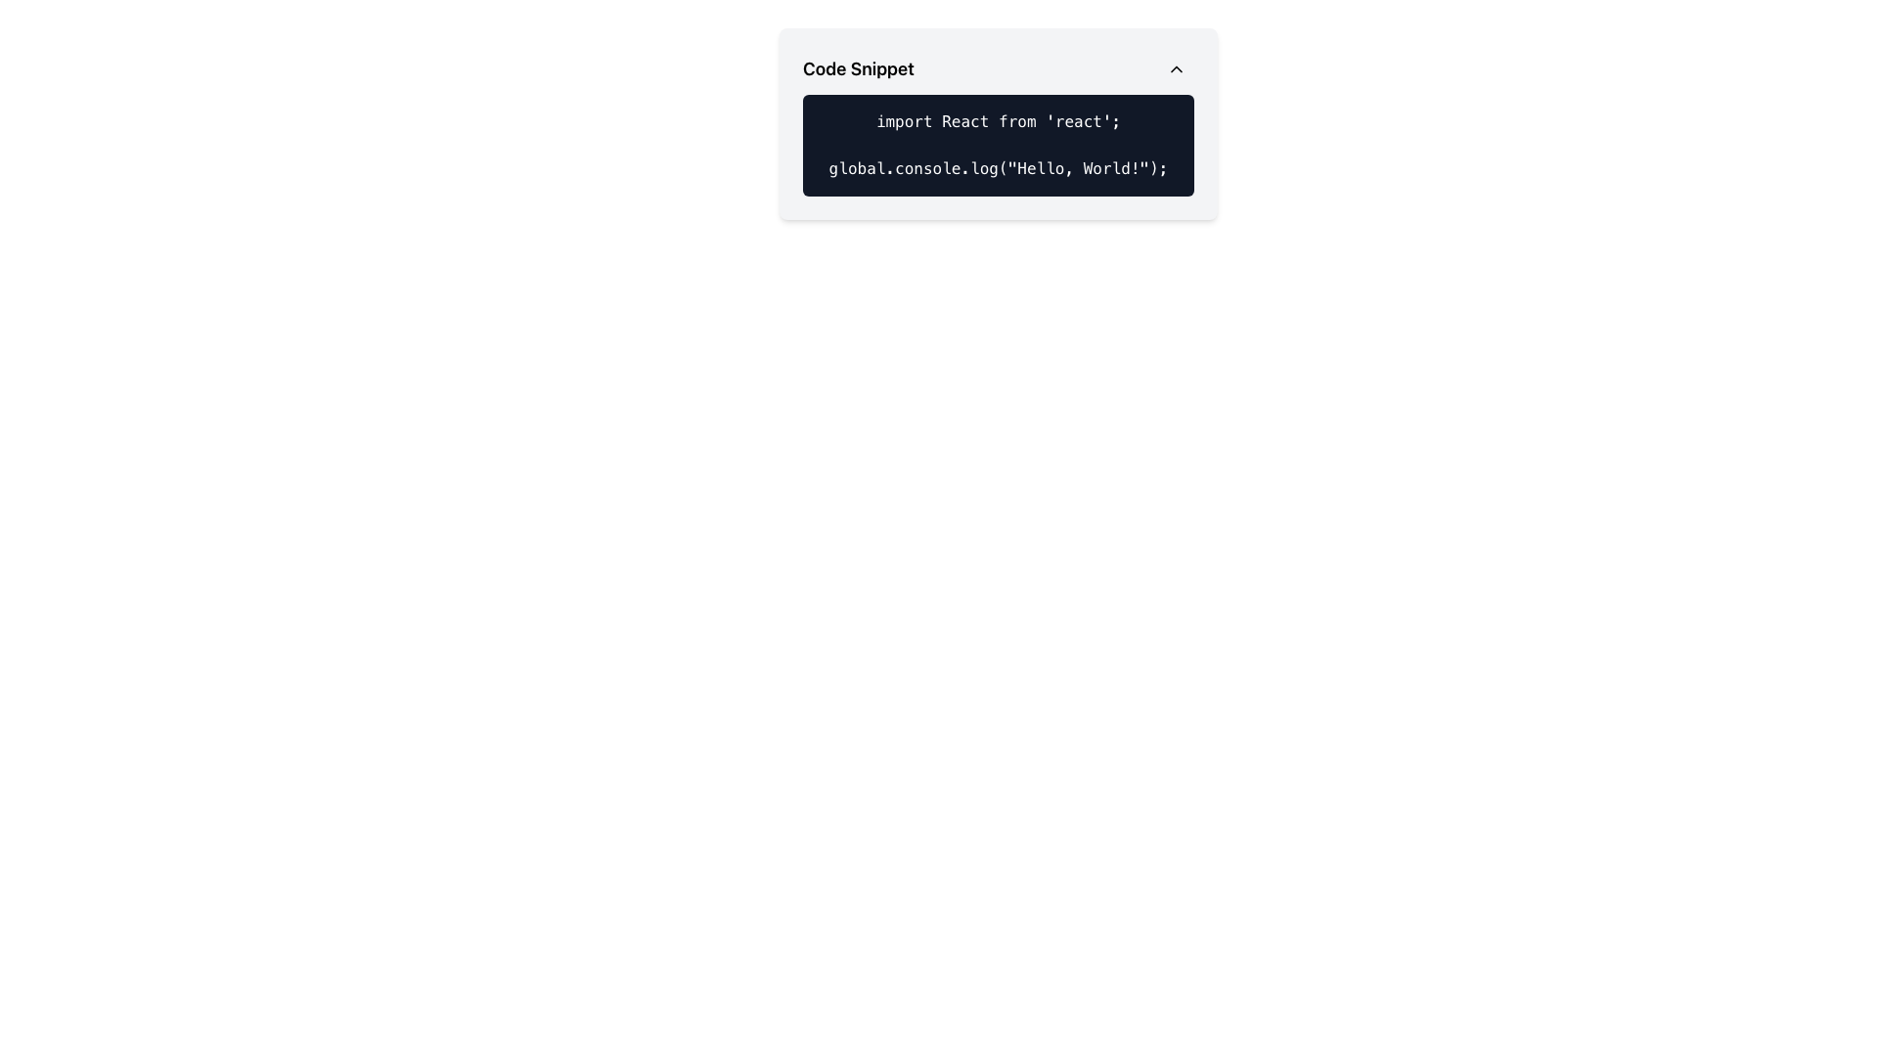 Image resolution: width=1878 pixels, height=1056 pixels. I want to click on text within the code block that has a dark background and light-colored text, containing a JavaScript snippet starting with 'import React from 'react'; located under the 'Code Snippet' title, so click(999, 145).